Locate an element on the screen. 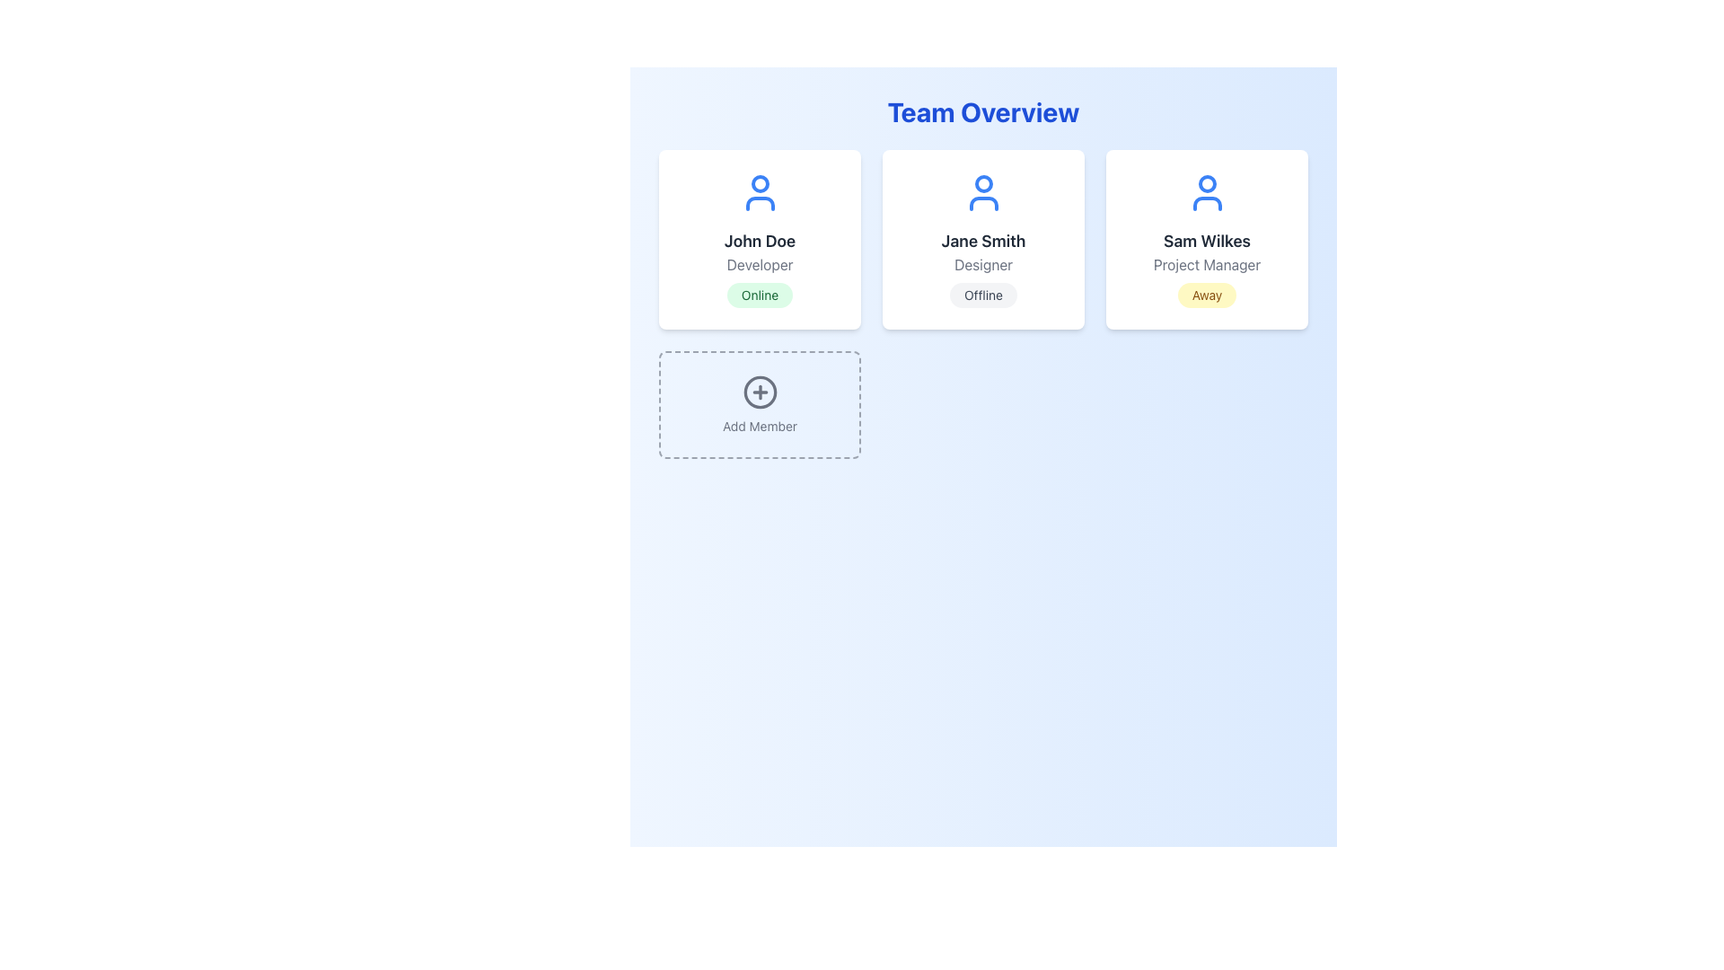 Image resolution: width=1724 pixels, height=970 pixels. the static text label displaying 'Jane Smith' located in the second card of three user information cards is located at coordinates (982, 241).